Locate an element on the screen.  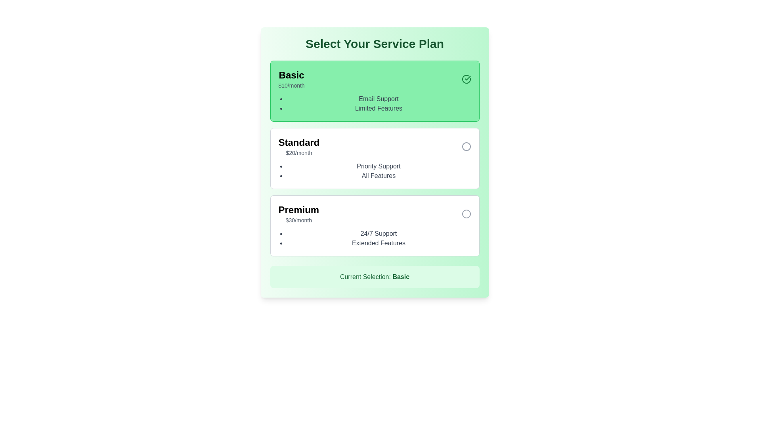
the Text Display element that shows the bold text 'Basic' with a larger font size in dark green on a light green background, indicating the current selection is located at coordinates (401, 276).